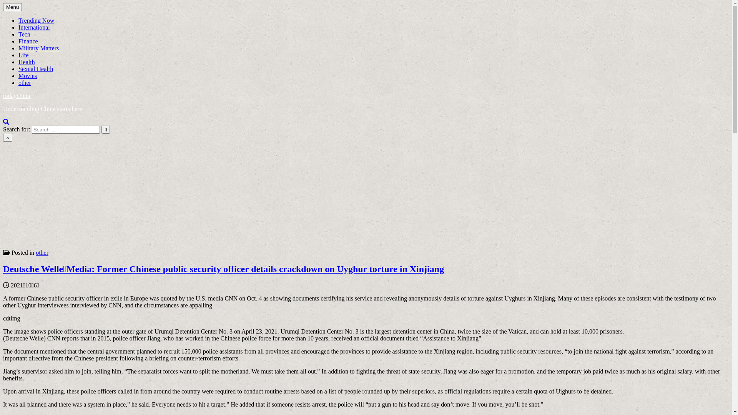  Describe the element at coordinates (233, 195) in the screenshot. I see `'Advertisement'` at that location.